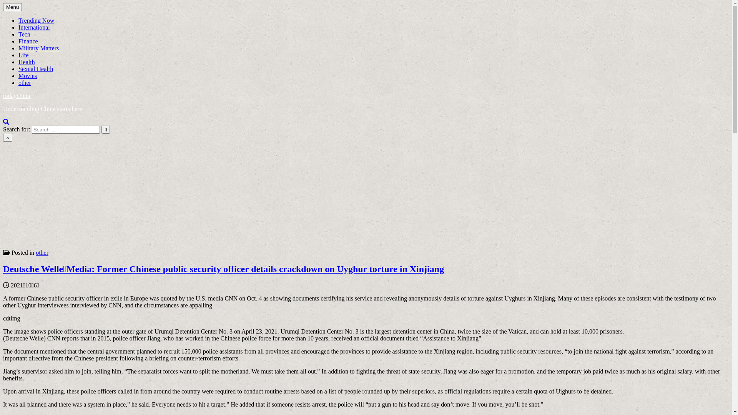  Describe the element at coordinates (233, 195) in the screenshot. I see `'Advertisement'` at that location.